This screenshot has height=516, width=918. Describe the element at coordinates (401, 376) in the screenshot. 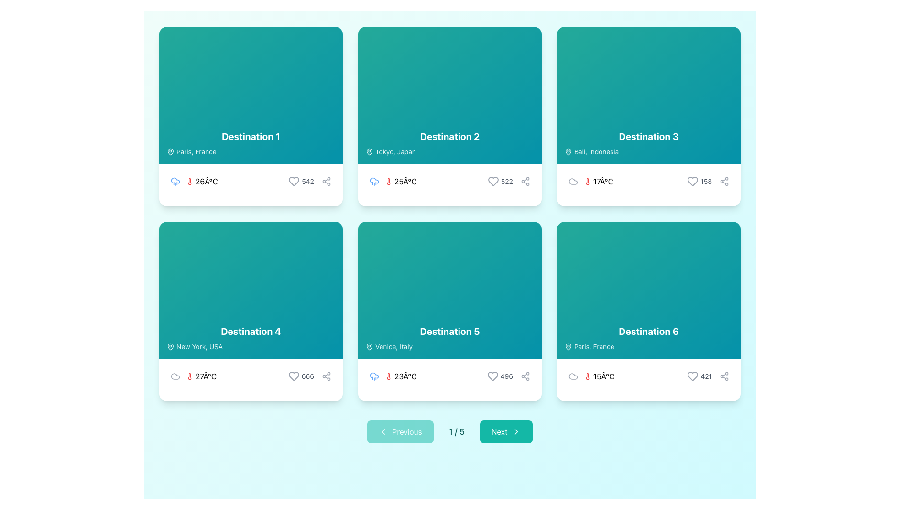

I see `the temperature display element located in the 'Destination 5' card, which provides the current or expected weather condition in degrees Celsius, situated below the blue cloud icon indicating rainy weather` at that location.